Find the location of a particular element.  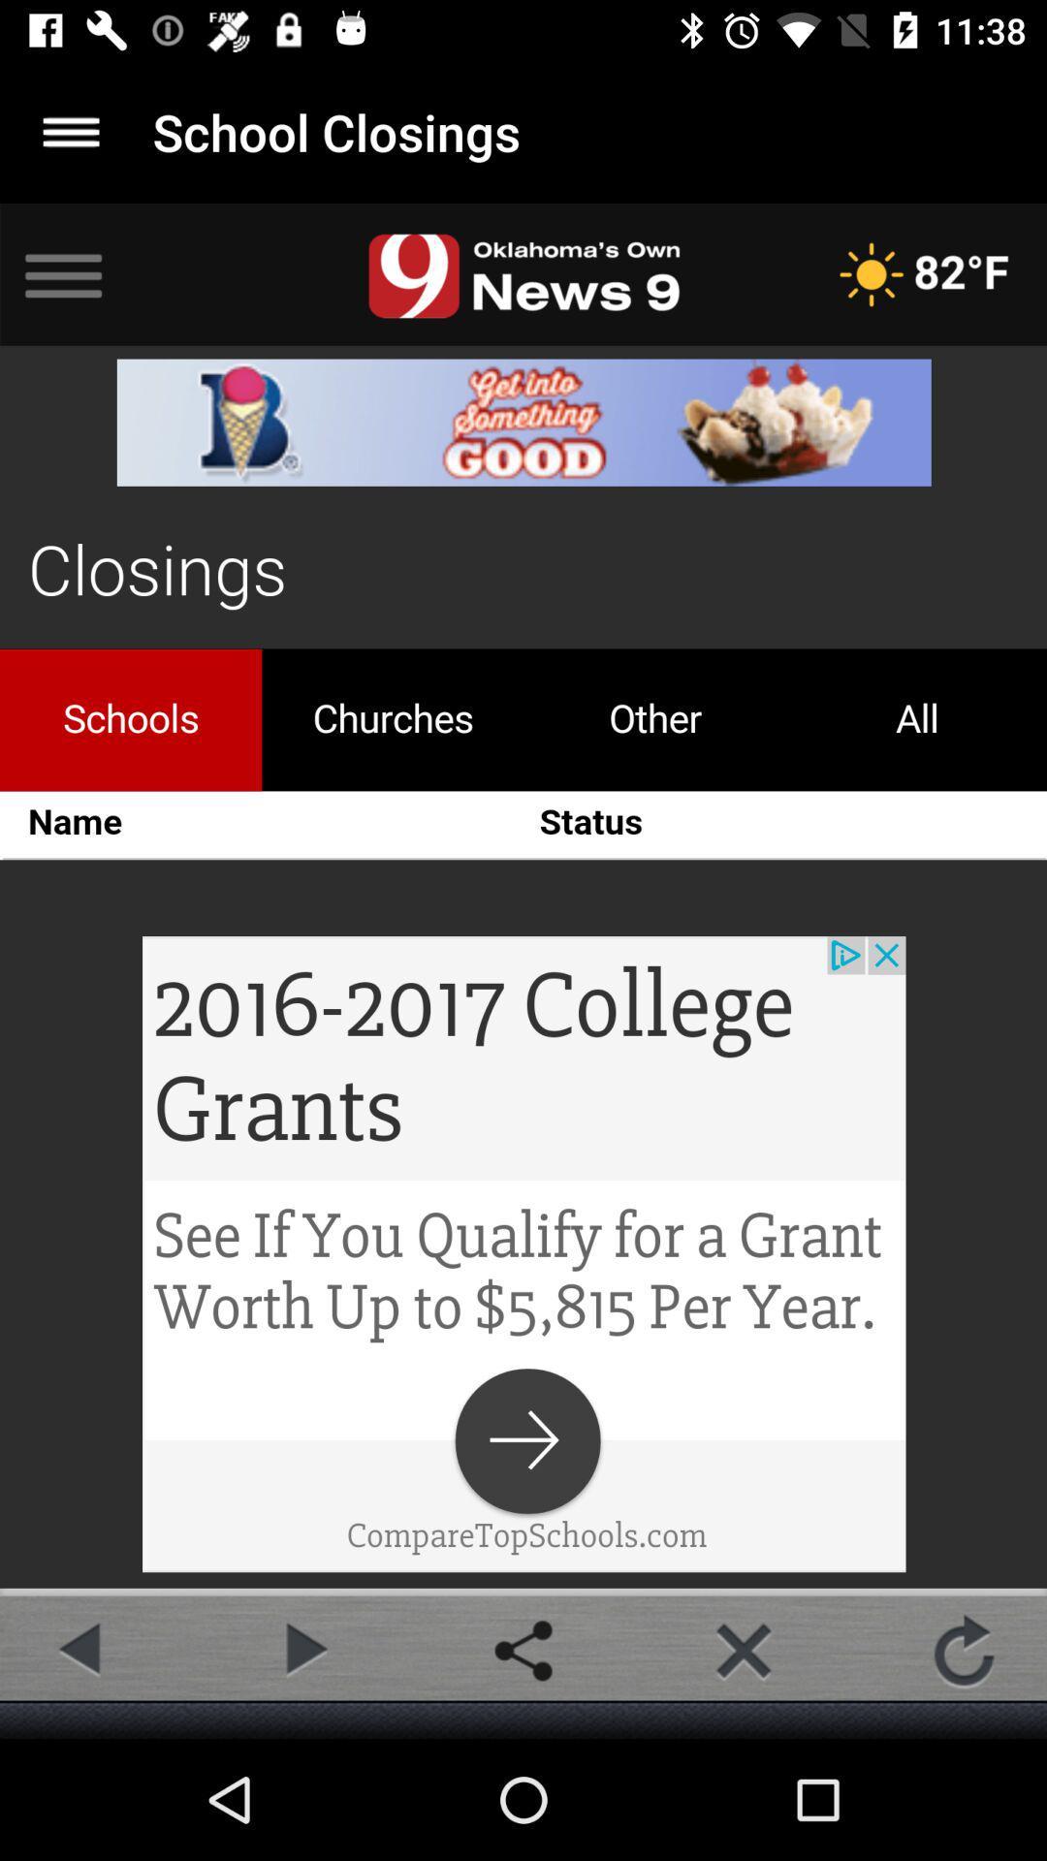

next page is located at coordinates (302, 1650).